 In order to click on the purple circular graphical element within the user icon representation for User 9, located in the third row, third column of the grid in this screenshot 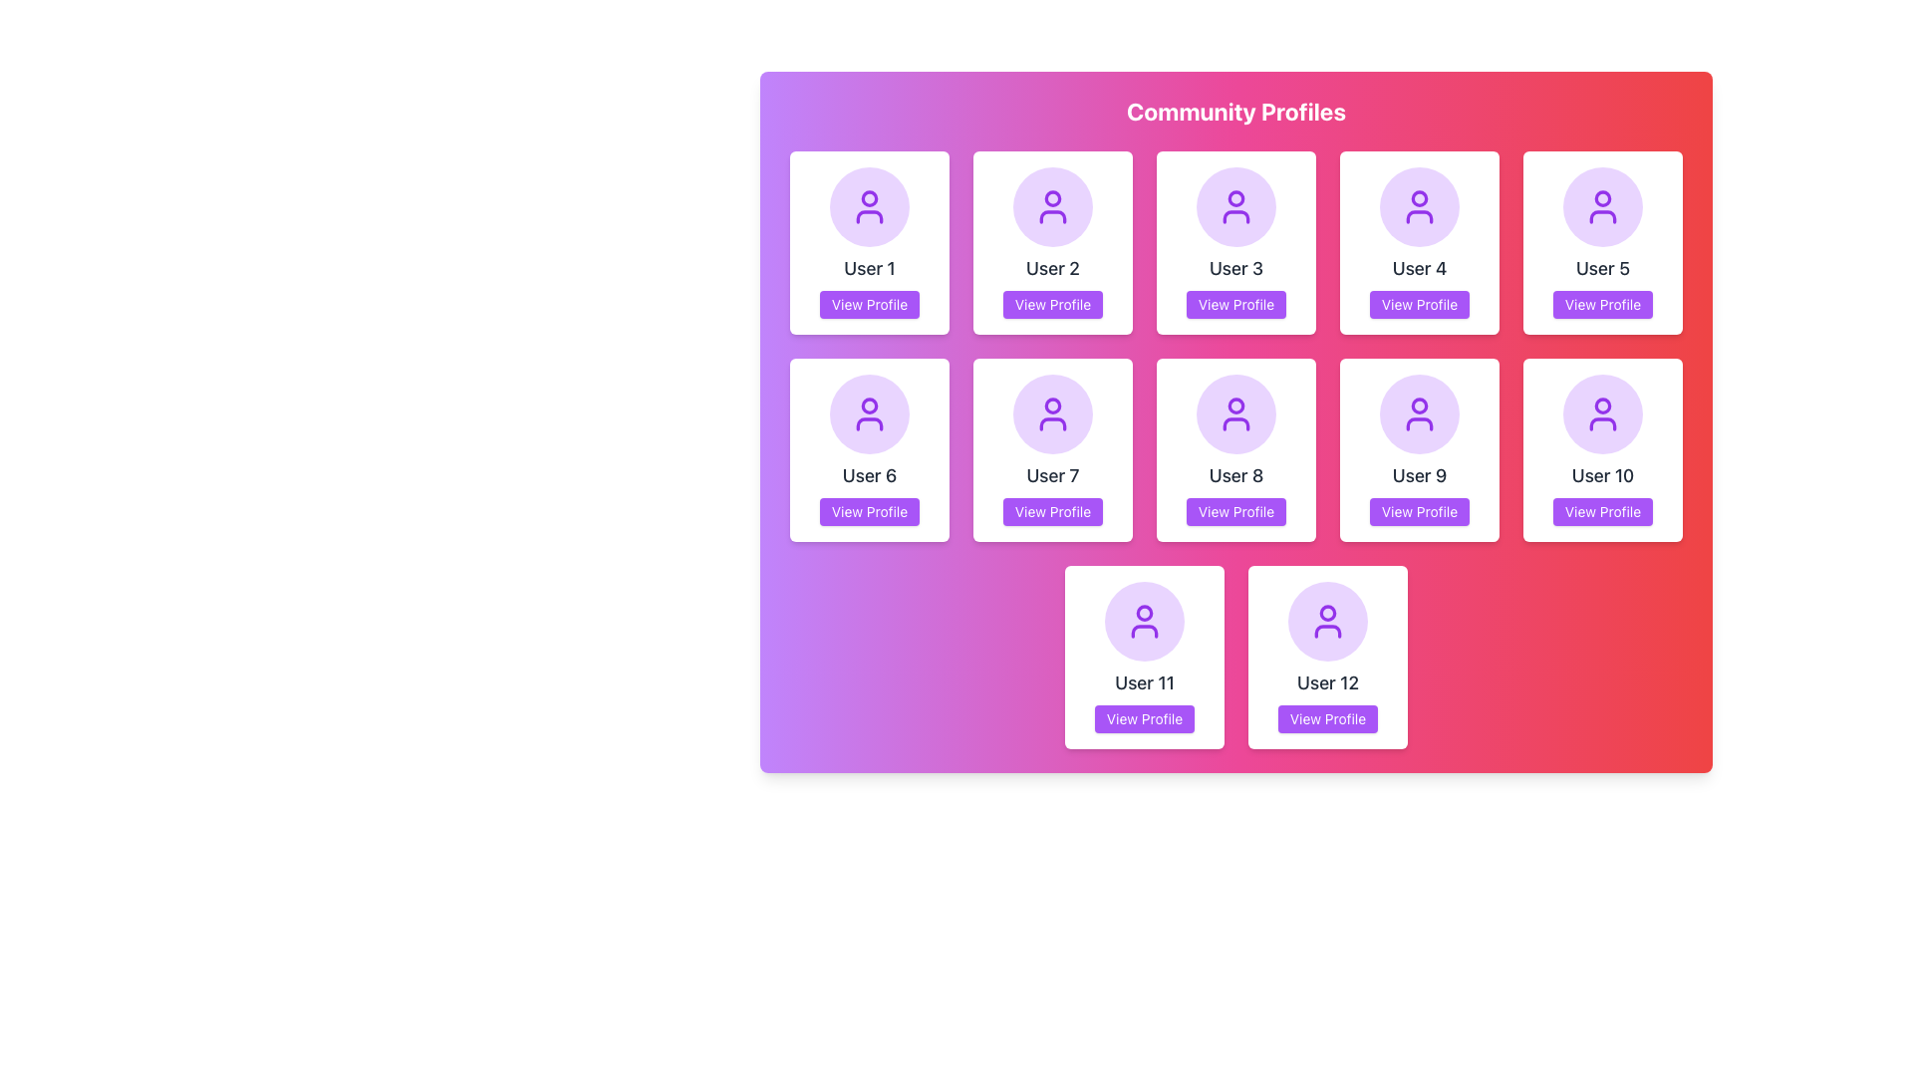, I will do `click(1419, 404)`.